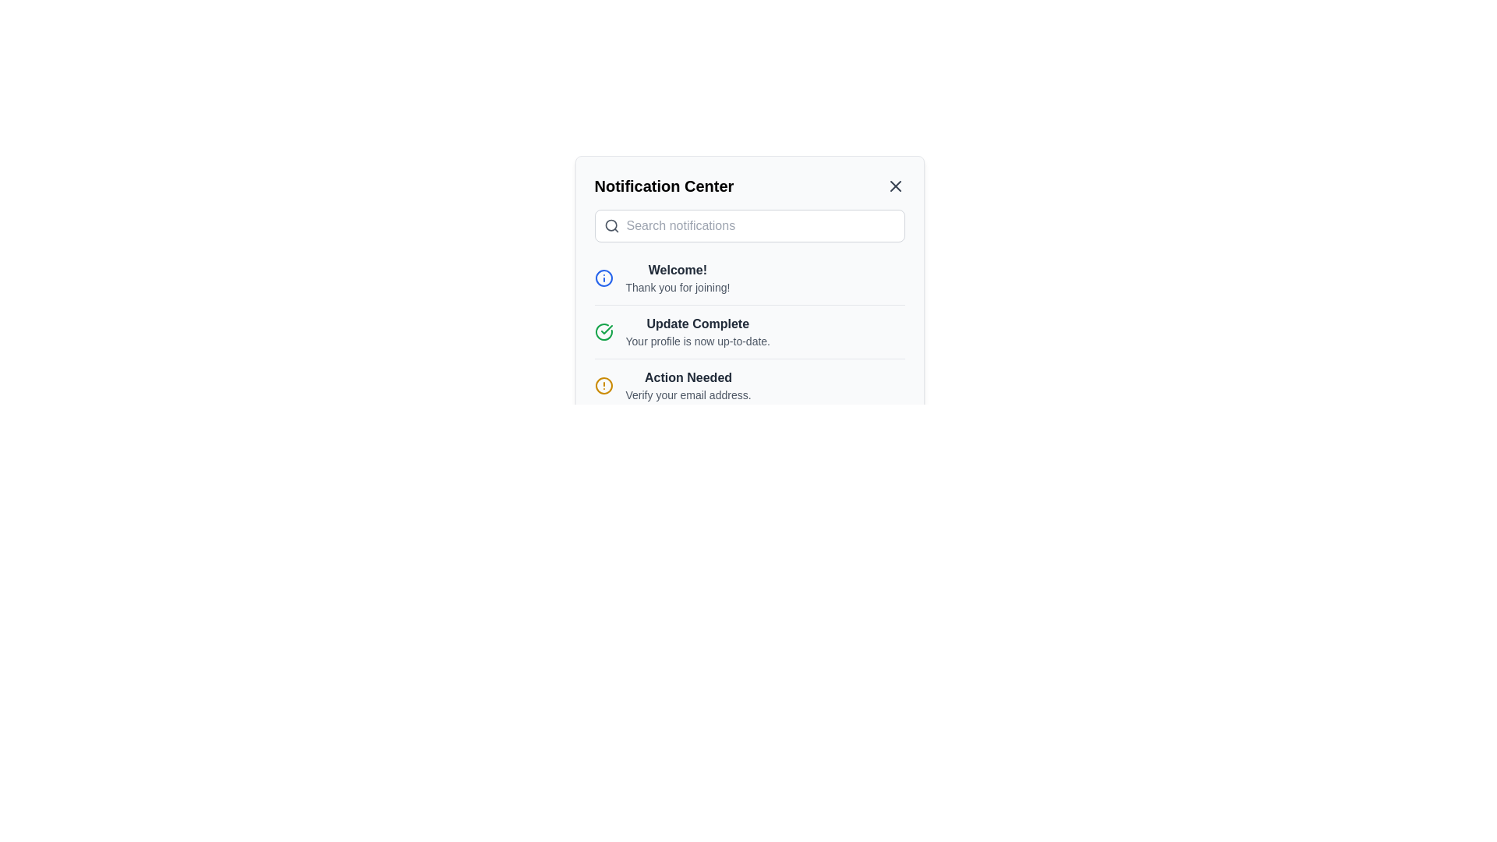  Describe the element at coordinates (749, 385) in the screenshot. I see `the third notification entry in the Notification Center that indicates 'Action Needed' for detailed interaction` at that location.